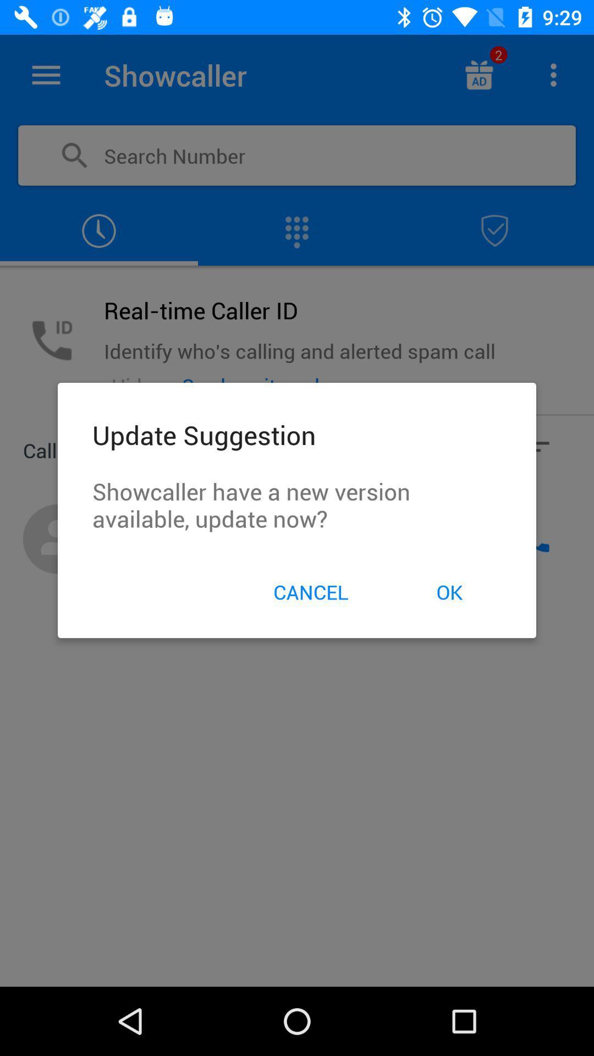 The image size is (594, 1056). Describe the element at coordinates (311, 591) in the screenshot. I see `the cancel icon` at that location.